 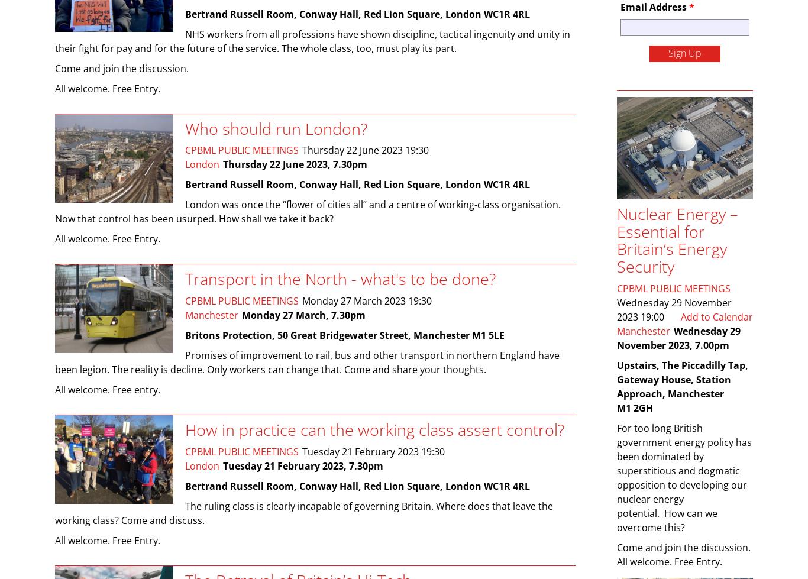 I want to click on 'Who should run London?', so click(x=185, y=128).